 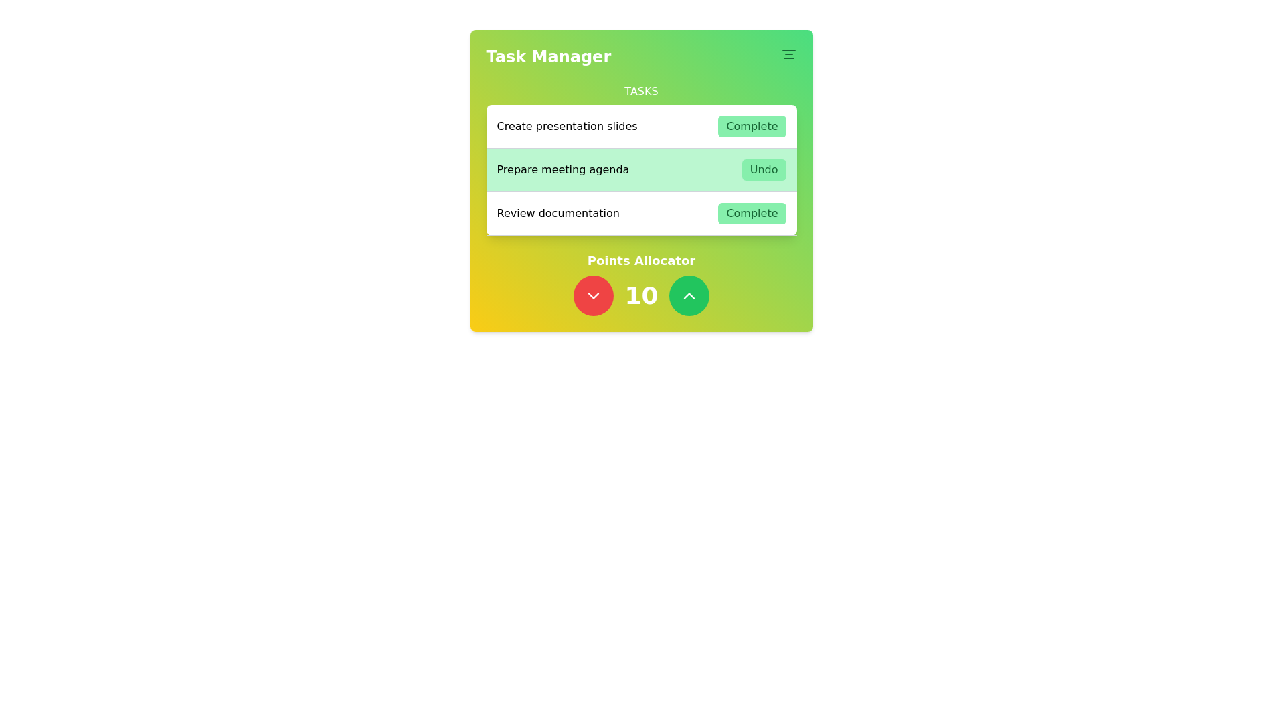 I want to click on the 'Undo' button for the 'Prepare meeting agenda' task, so click(x=764, y=169).